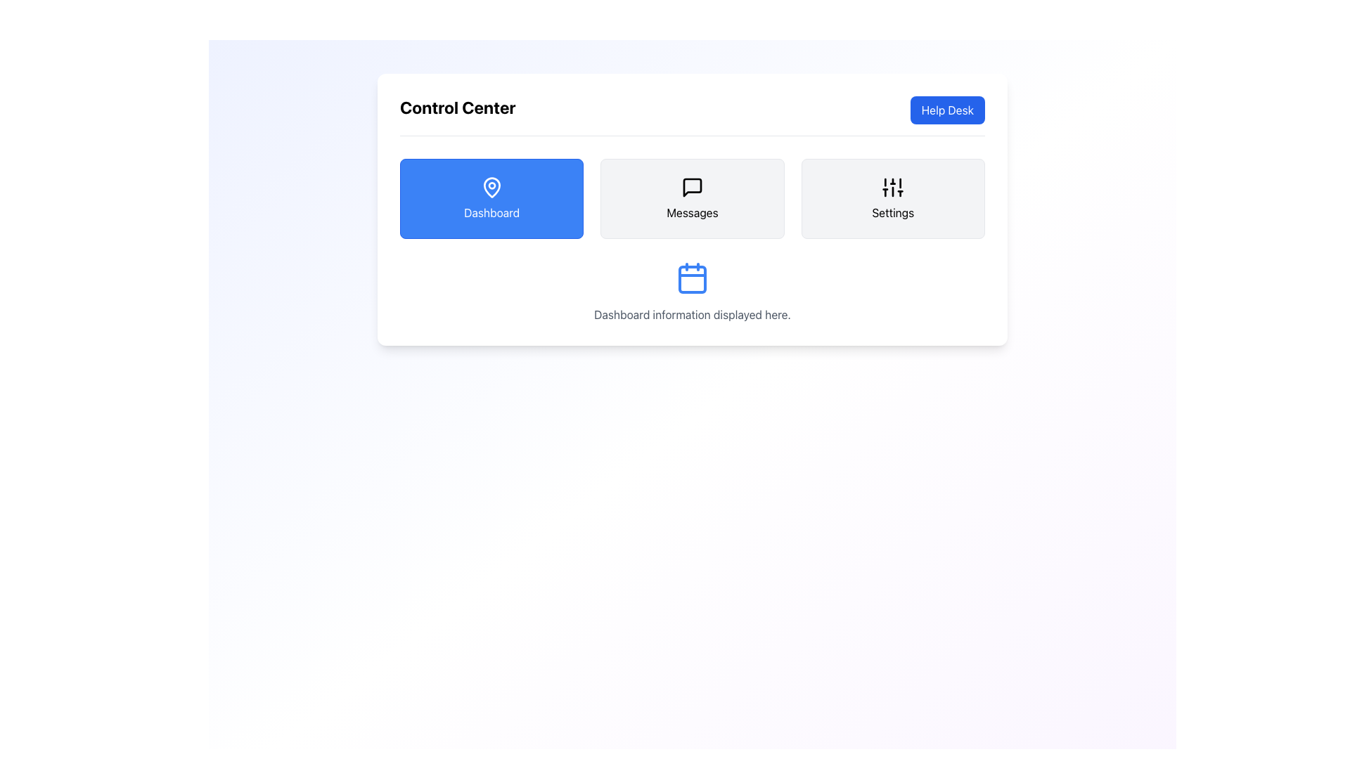 This screenshot has height=759, width=1350. I want to click on the informational component featuring a blue calendar icon and the text 'Dashboard information displayed here.', so click(692, 292).